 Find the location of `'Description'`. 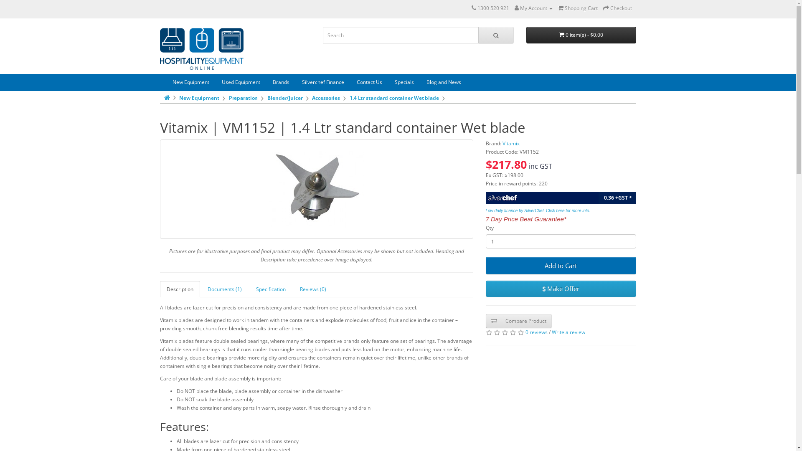

'Description' is located at coordinates (179, 289).